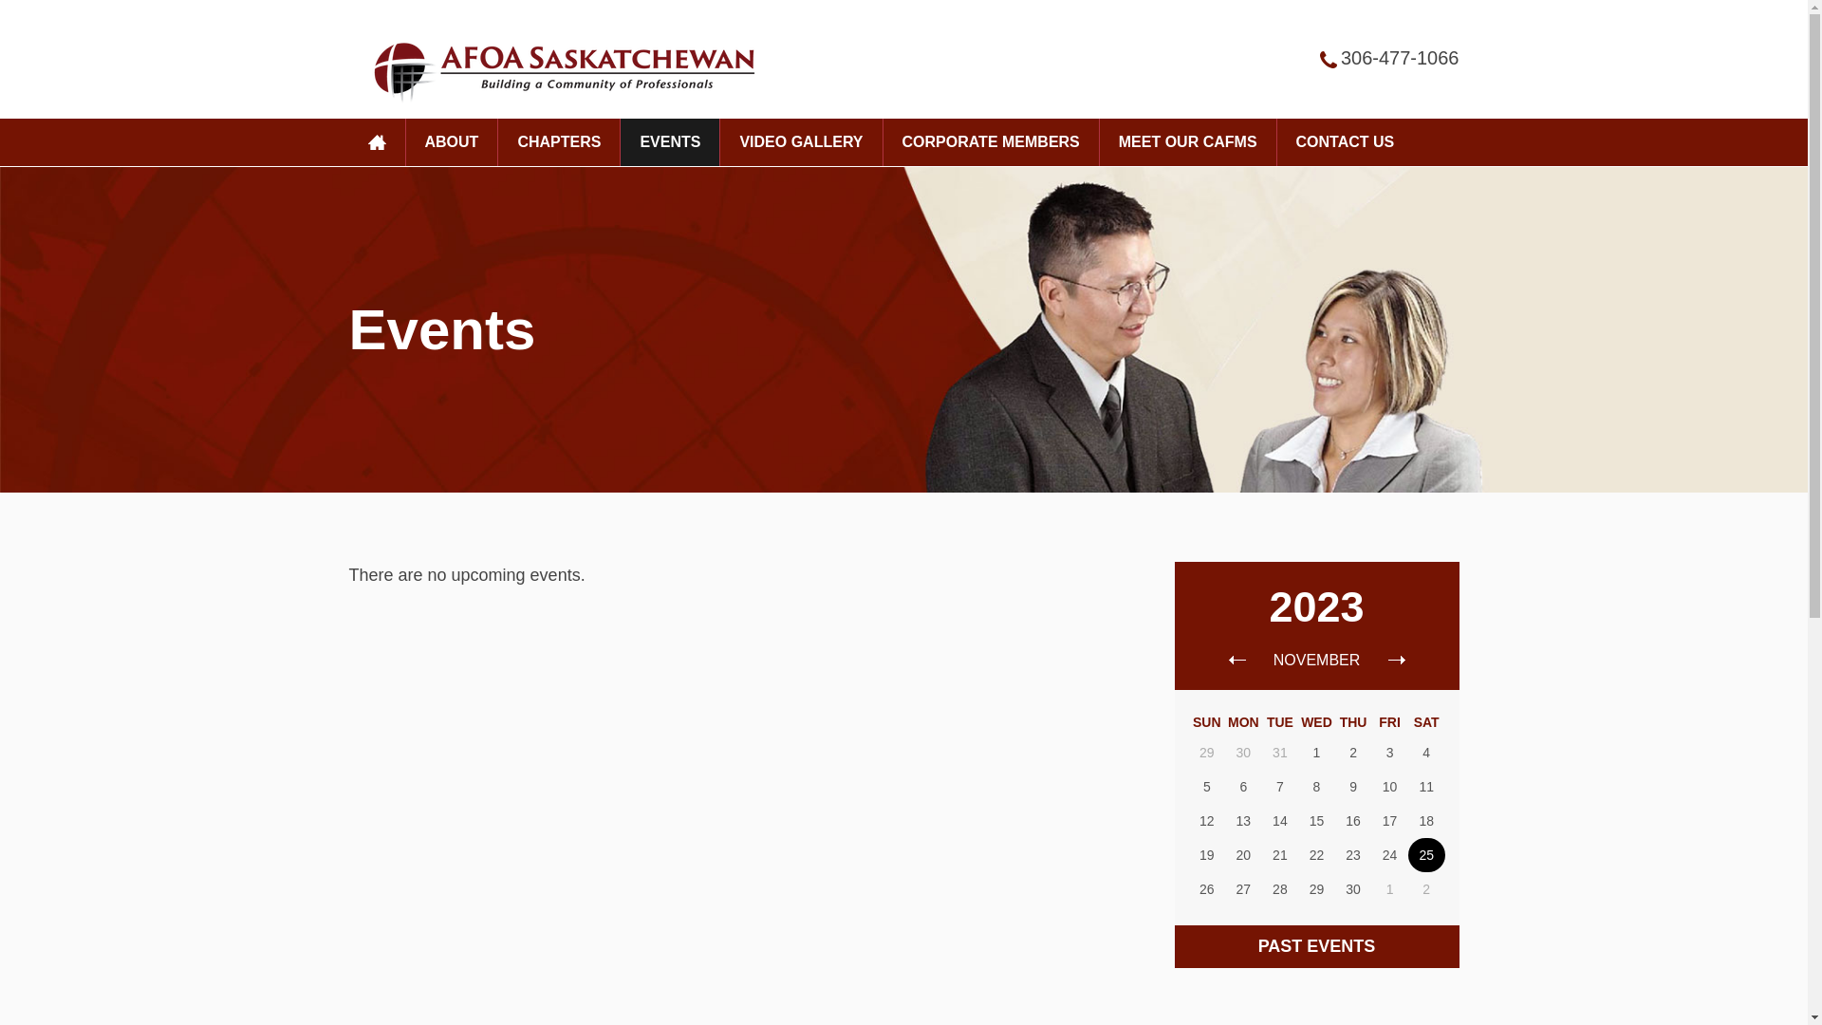 The image size is (1822, 1025). I want to click on 'CORPORATE MEMBERS', so click(990, 141).